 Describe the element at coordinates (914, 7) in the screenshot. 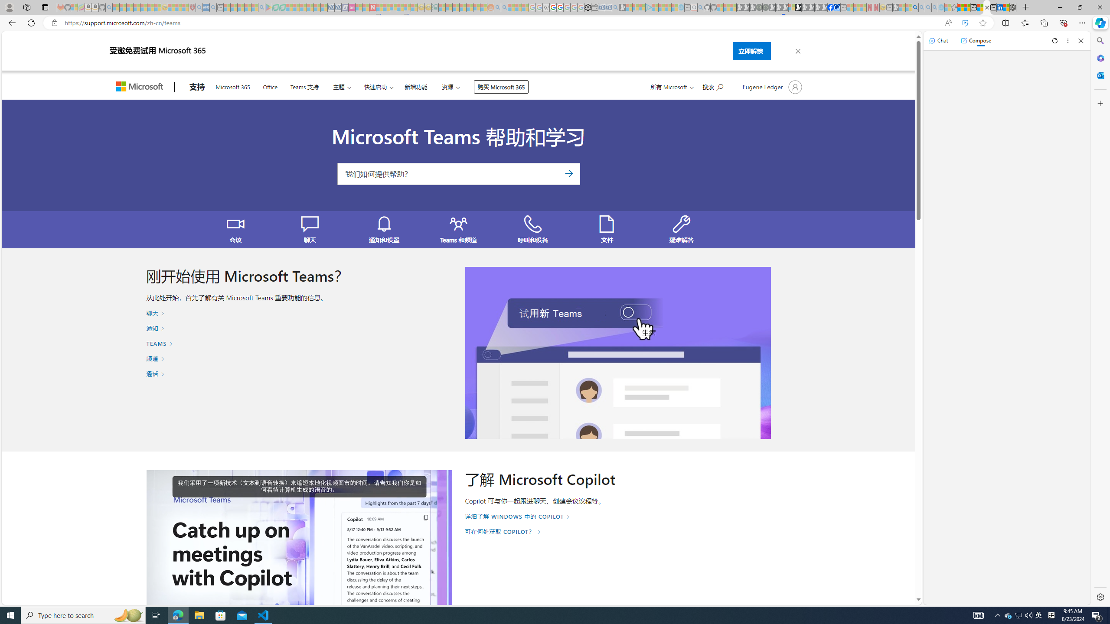

I see `'Bing AI - Search'` at that location.